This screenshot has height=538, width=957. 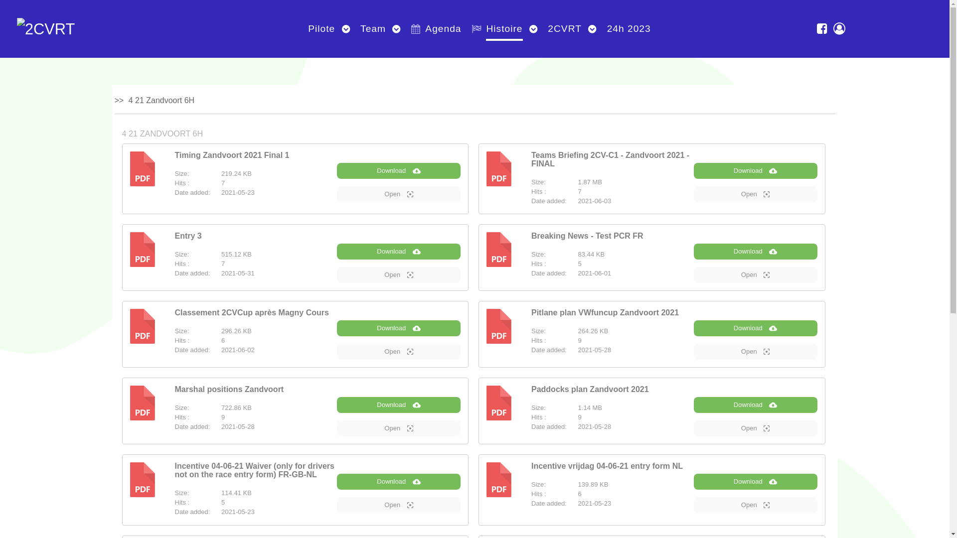 I want to click on 'Entry 3', so click(x=188, y=236).